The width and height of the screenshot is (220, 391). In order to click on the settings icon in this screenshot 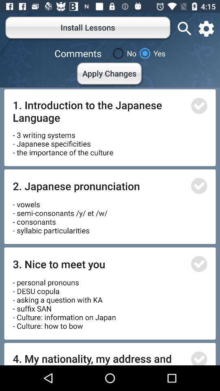, I will do `click(206, 29)`.